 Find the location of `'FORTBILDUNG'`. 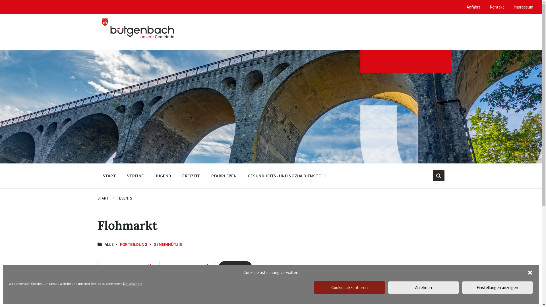

'FORTBILDUNG' is located at coordinates (133, 244).